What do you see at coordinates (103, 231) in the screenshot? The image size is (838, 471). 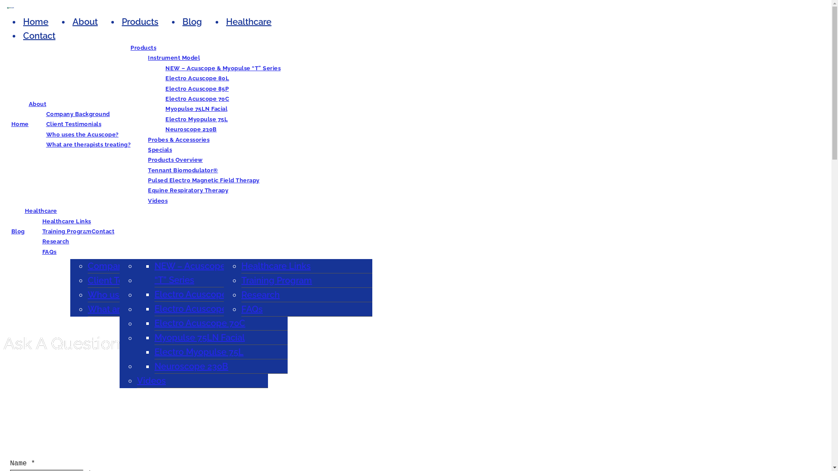 I see `'Contact'` at bounding box center [103, 231].